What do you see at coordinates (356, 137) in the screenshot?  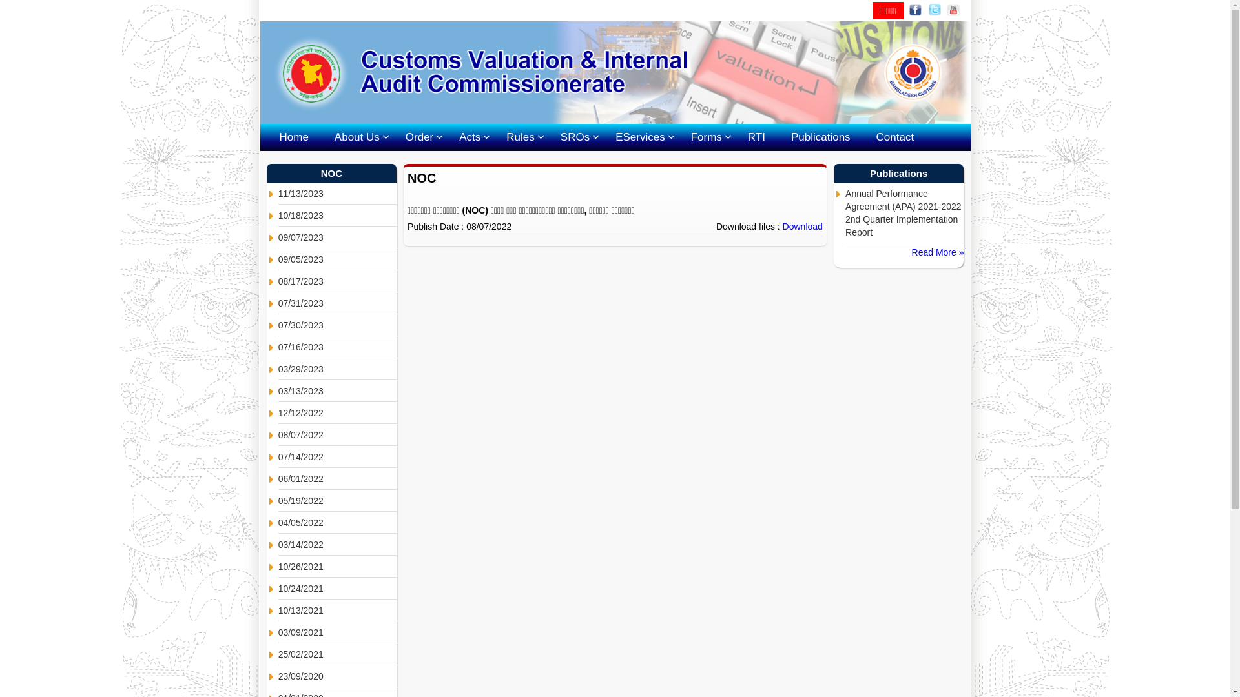 I see `'About Us'` at bounding box center [356, 137].